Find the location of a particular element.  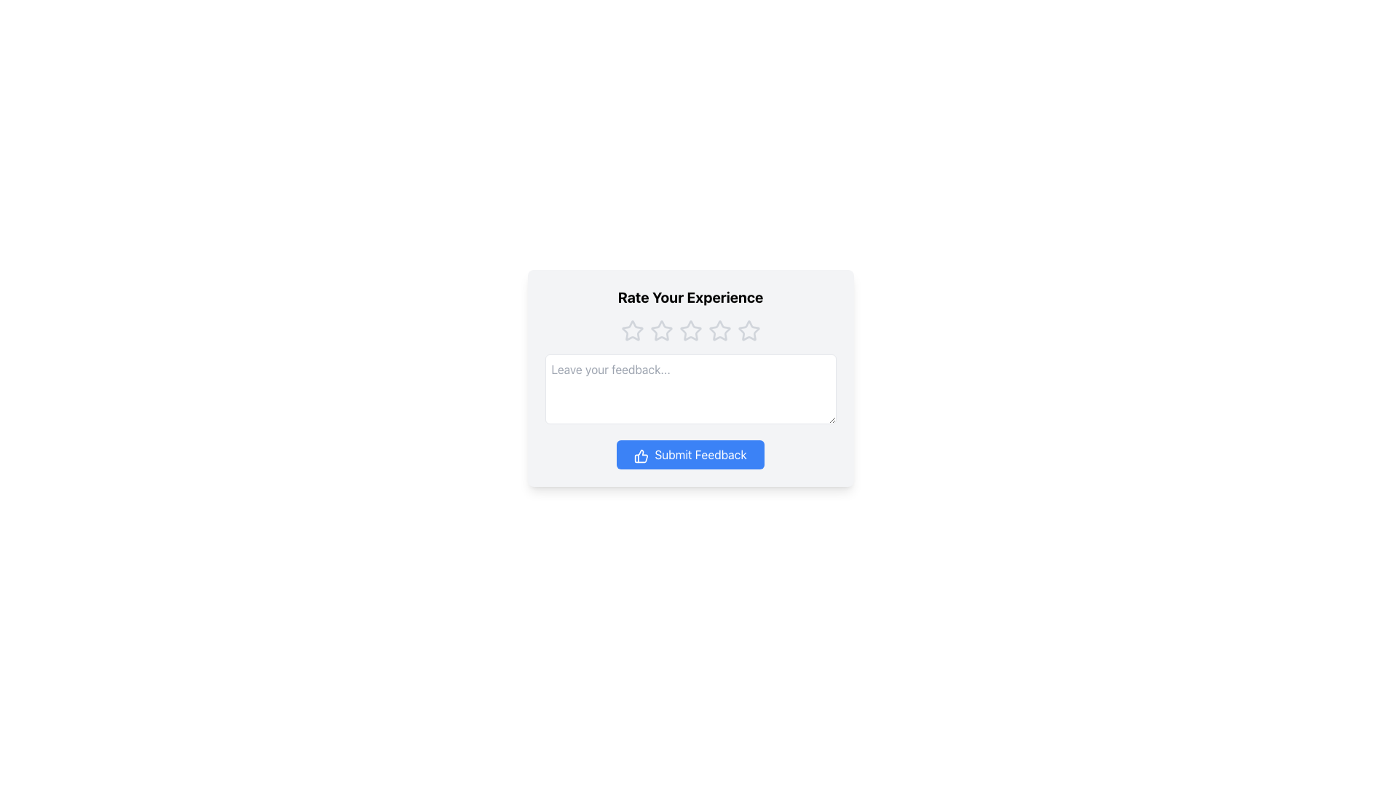

the submit feedback button located at the bottom center of the card component, directly beneath the feedback input area is located at coordinates (690, 453).